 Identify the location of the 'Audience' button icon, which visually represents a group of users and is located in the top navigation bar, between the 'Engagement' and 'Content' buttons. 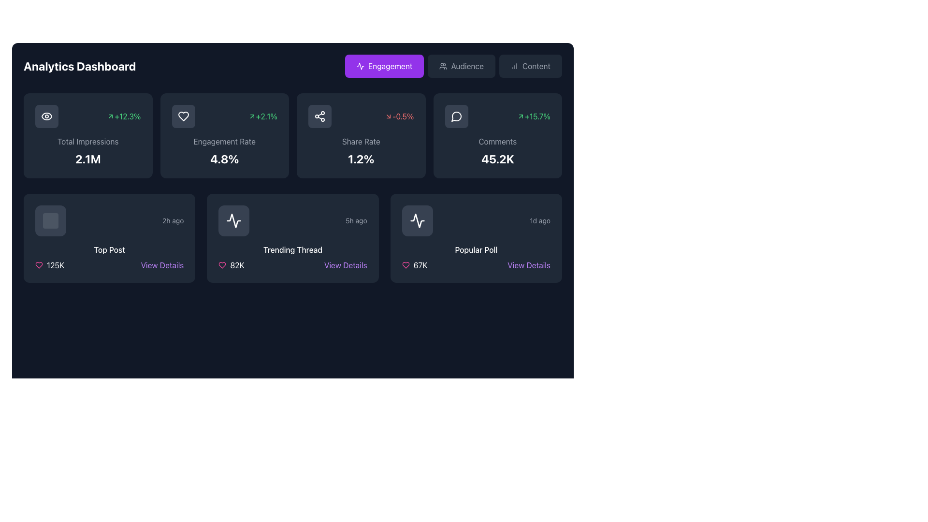
(443, 66).